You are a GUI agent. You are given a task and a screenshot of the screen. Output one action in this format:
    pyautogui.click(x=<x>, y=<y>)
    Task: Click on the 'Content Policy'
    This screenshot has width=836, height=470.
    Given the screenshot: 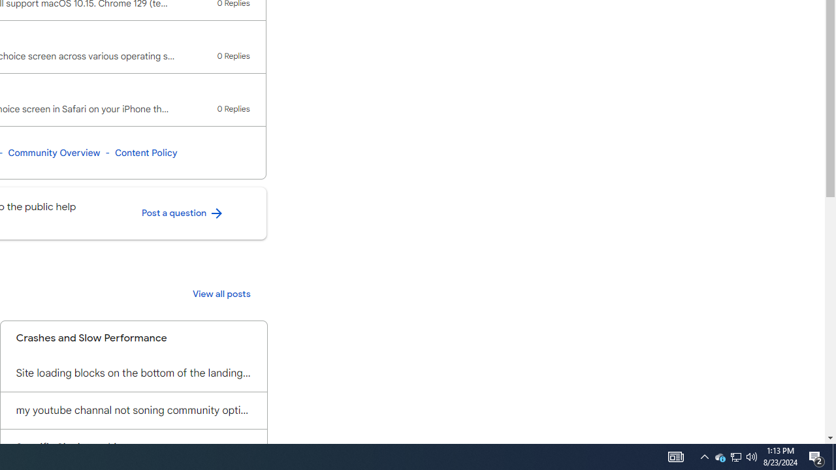 What is the action you would take?
    pyautogui.click(x=146, y=152)
    